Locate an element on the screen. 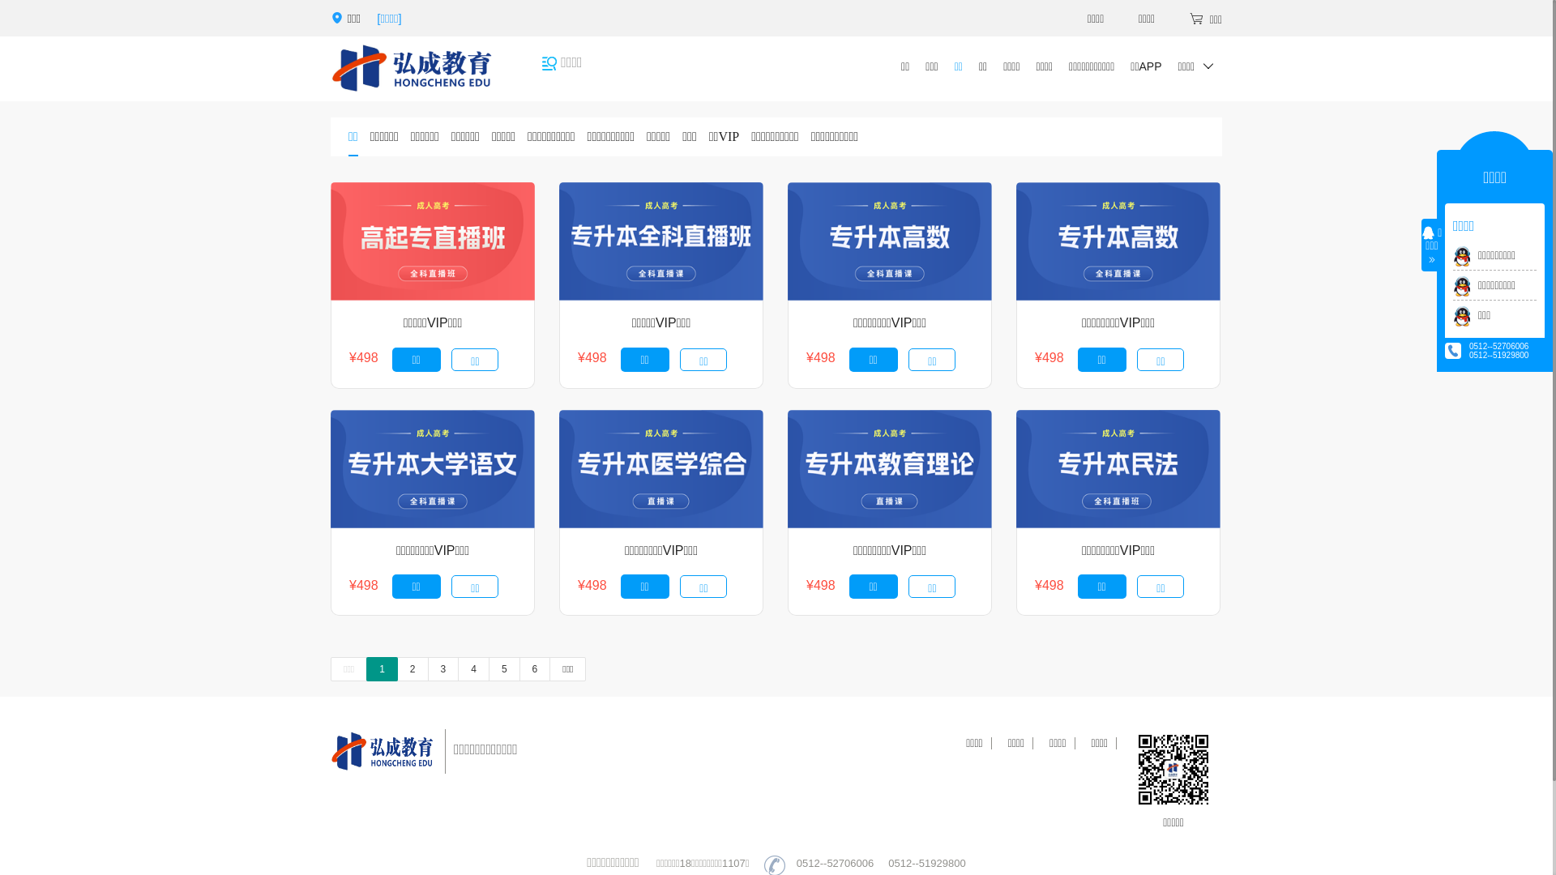 Image resolution: width=1556 pixels, height=875 pixels. '4' is located at coordinates (472, 668).